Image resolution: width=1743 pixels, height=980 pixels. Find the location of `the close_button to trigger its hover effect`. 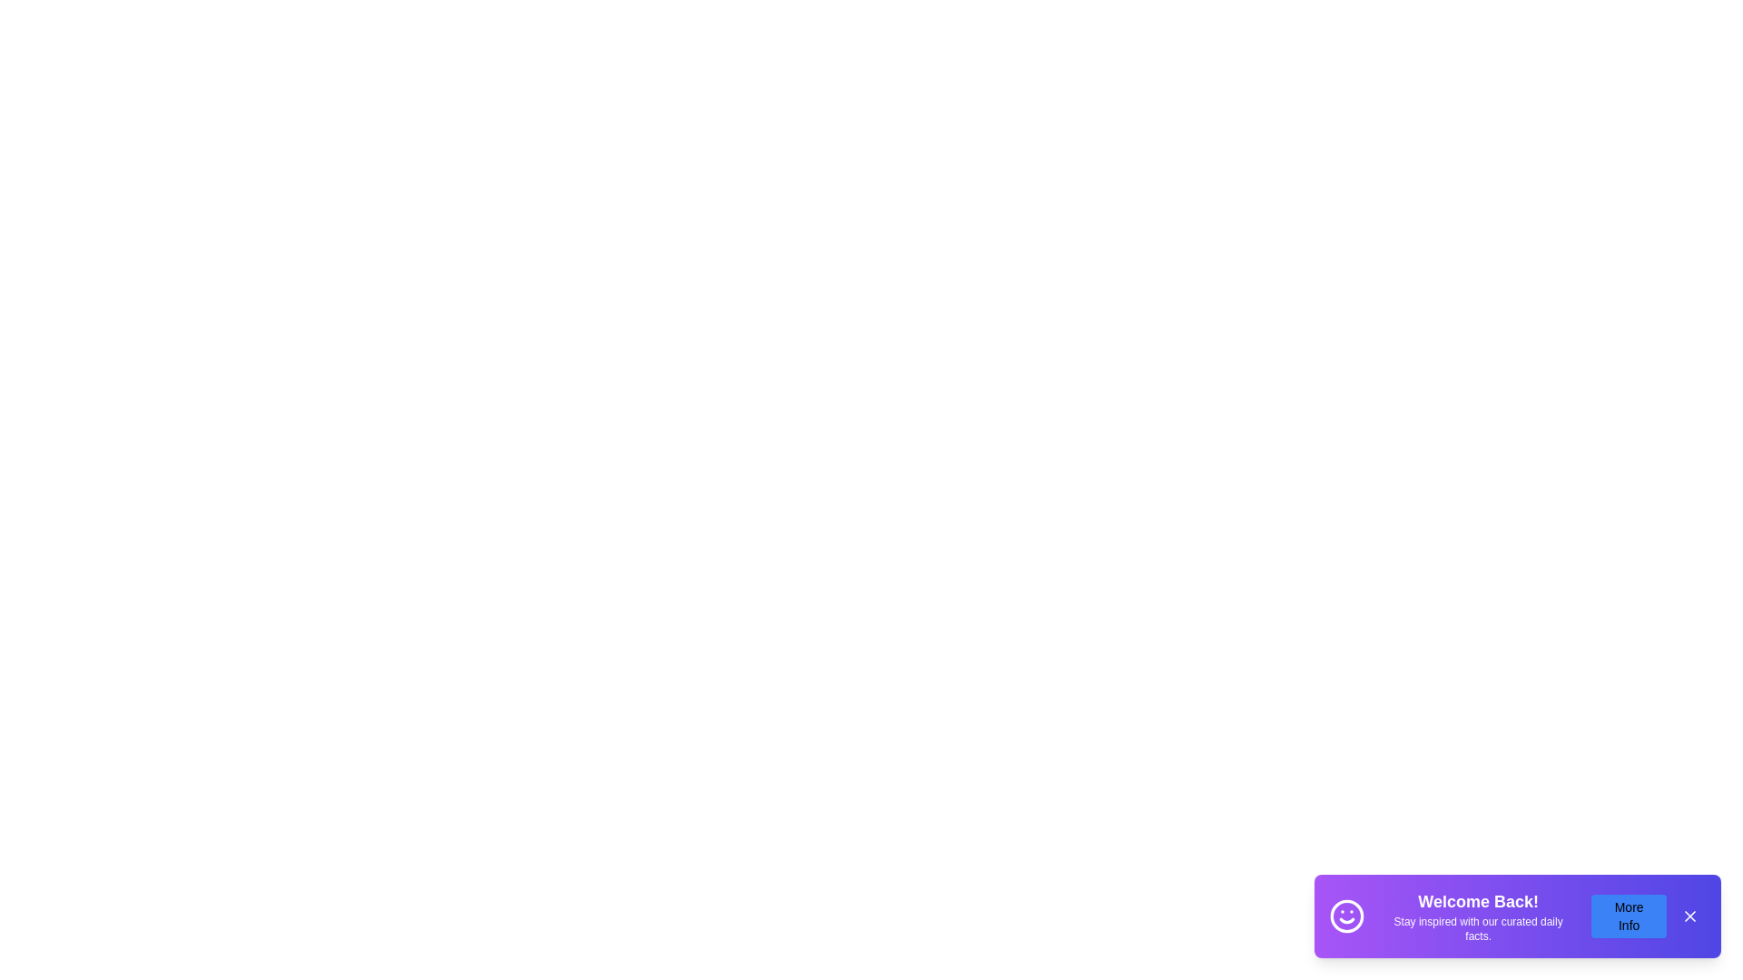

the close_button to trigger its hover effect is located at coordinates (1689, 916).